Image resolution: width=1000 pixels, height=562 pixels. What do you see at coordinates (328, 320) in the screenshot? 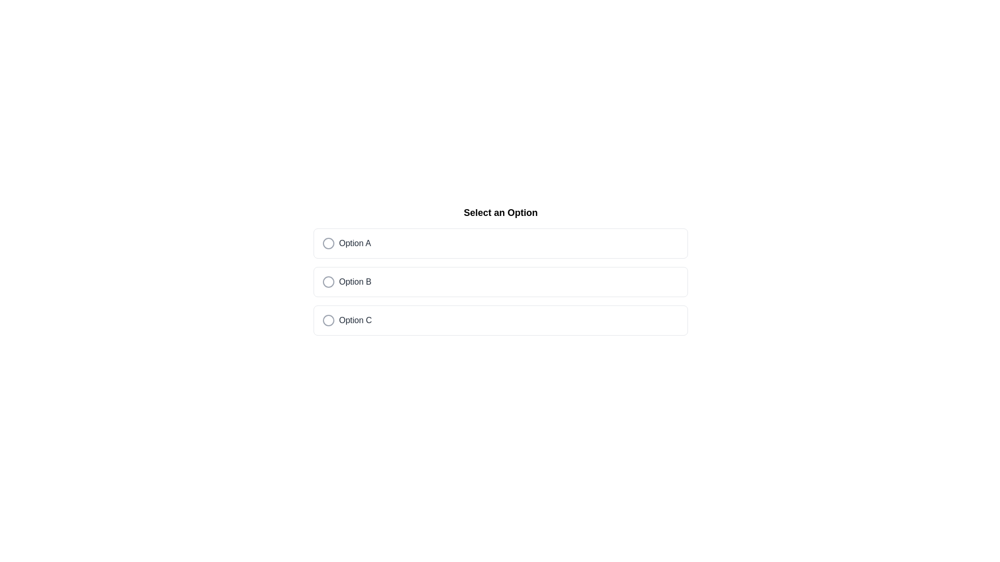
I see `the state of the inner circle (SVG element) which is part of 'Option C' in the vertical list of selectable options` at bounding box center [328, 320].